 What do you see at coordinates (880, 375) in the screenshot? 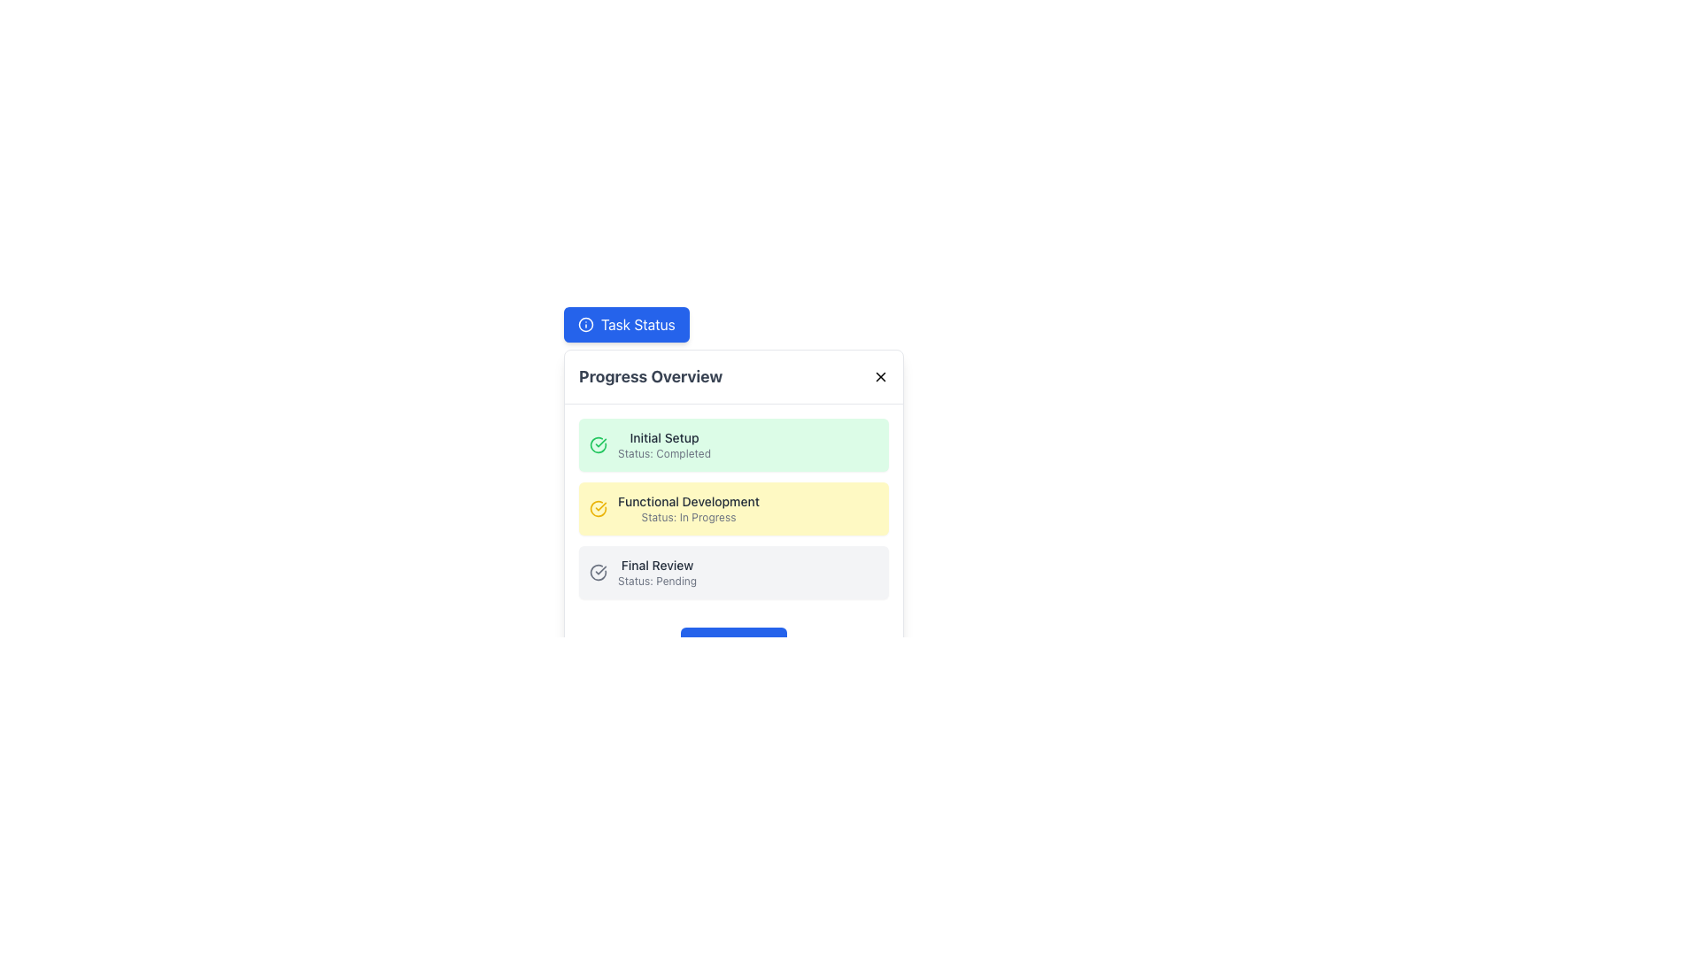
I see `the close button located at the top-right corner of the 'Progress Overview' section` at bounding box center [880, 375].